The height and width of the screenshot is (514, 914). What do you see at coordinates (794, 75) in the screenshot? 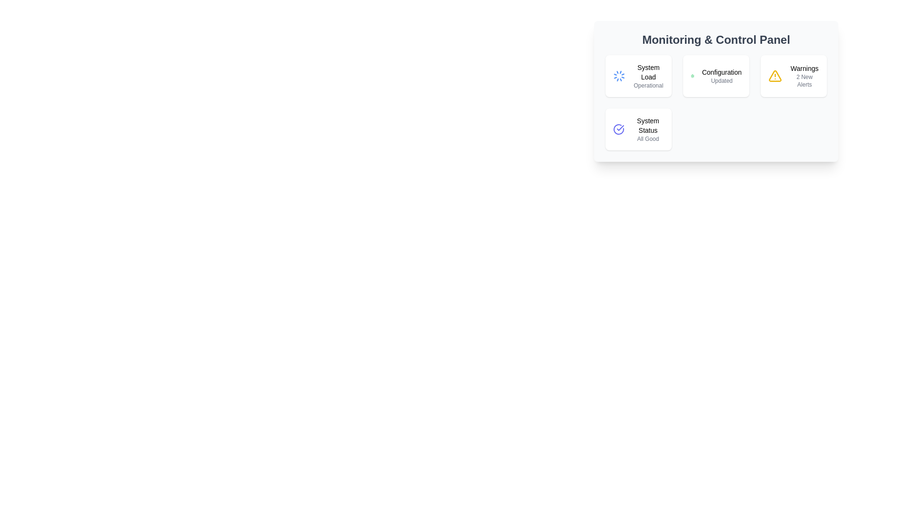
I see `the Notification card, which is the third item in a grid layout indicating alert statuses and new alerts, located in the top-right corner of the 'Monitoring & Control Panel.'` at bounding box center [794, 75].